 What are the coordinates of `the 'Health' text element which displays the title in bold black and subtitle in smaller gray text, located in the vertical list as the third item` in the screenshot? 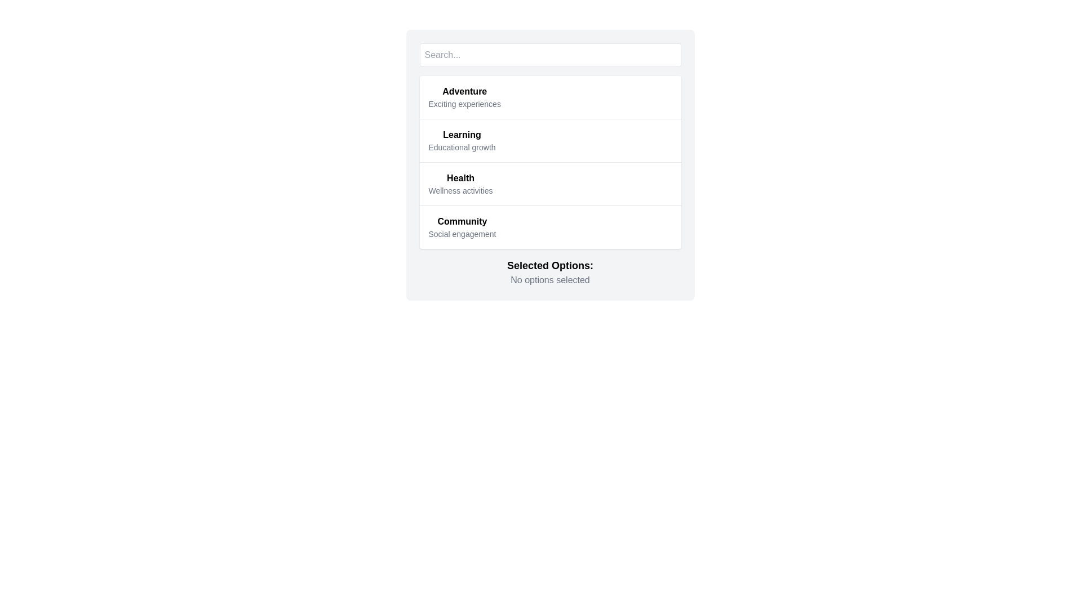 It's located at (460, 184).